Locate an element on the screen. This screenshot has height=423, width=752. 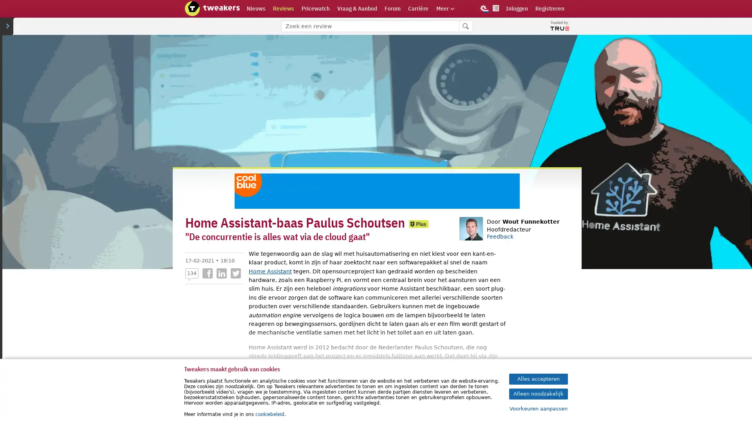
Alleen noodzakelijk is located at coordinates (538, 394).